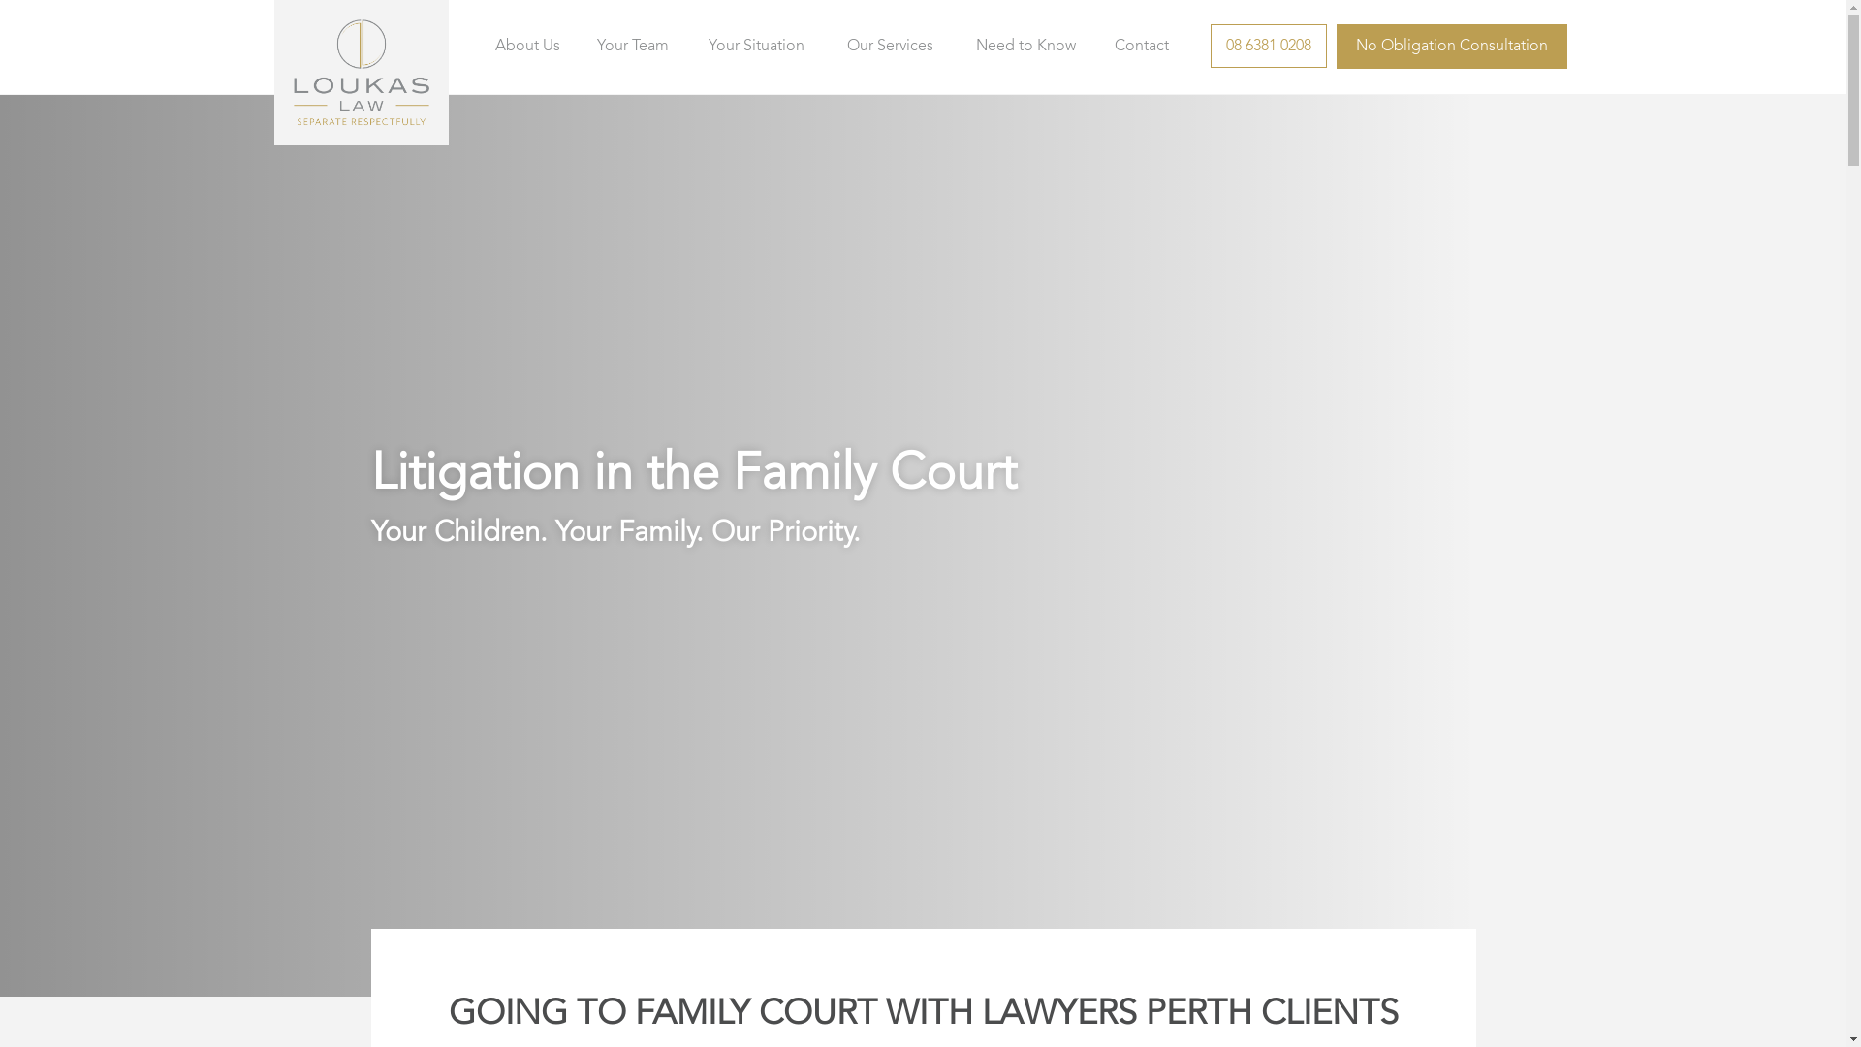  What do you see at coordinates (1209, 45) in the screenshot?
I see `'08 6381 0208'` at bounding box center [1209, 45].